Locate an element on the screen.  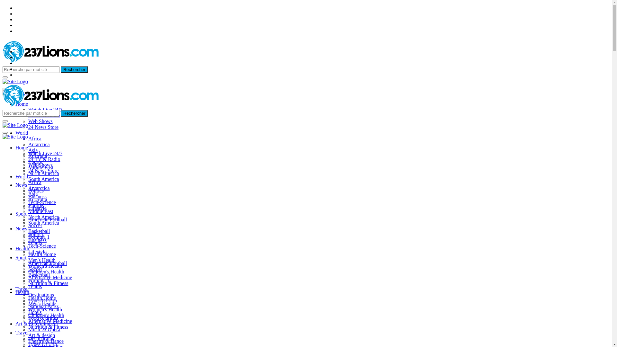
'Home' is located at coordinates (22, 103).